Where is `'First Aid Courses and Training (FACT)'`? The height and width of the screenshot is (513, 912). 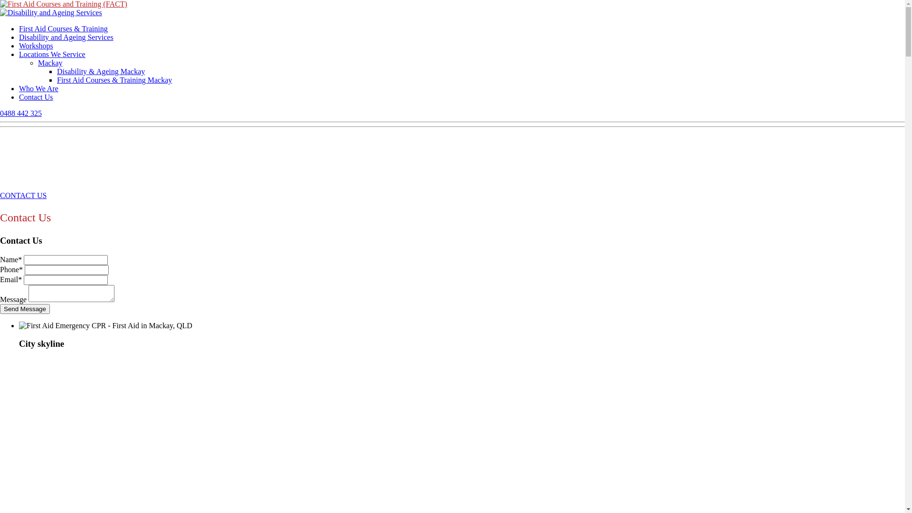
'First Aid Courses and Training (FACT)' is located at coordinates (63, 4).